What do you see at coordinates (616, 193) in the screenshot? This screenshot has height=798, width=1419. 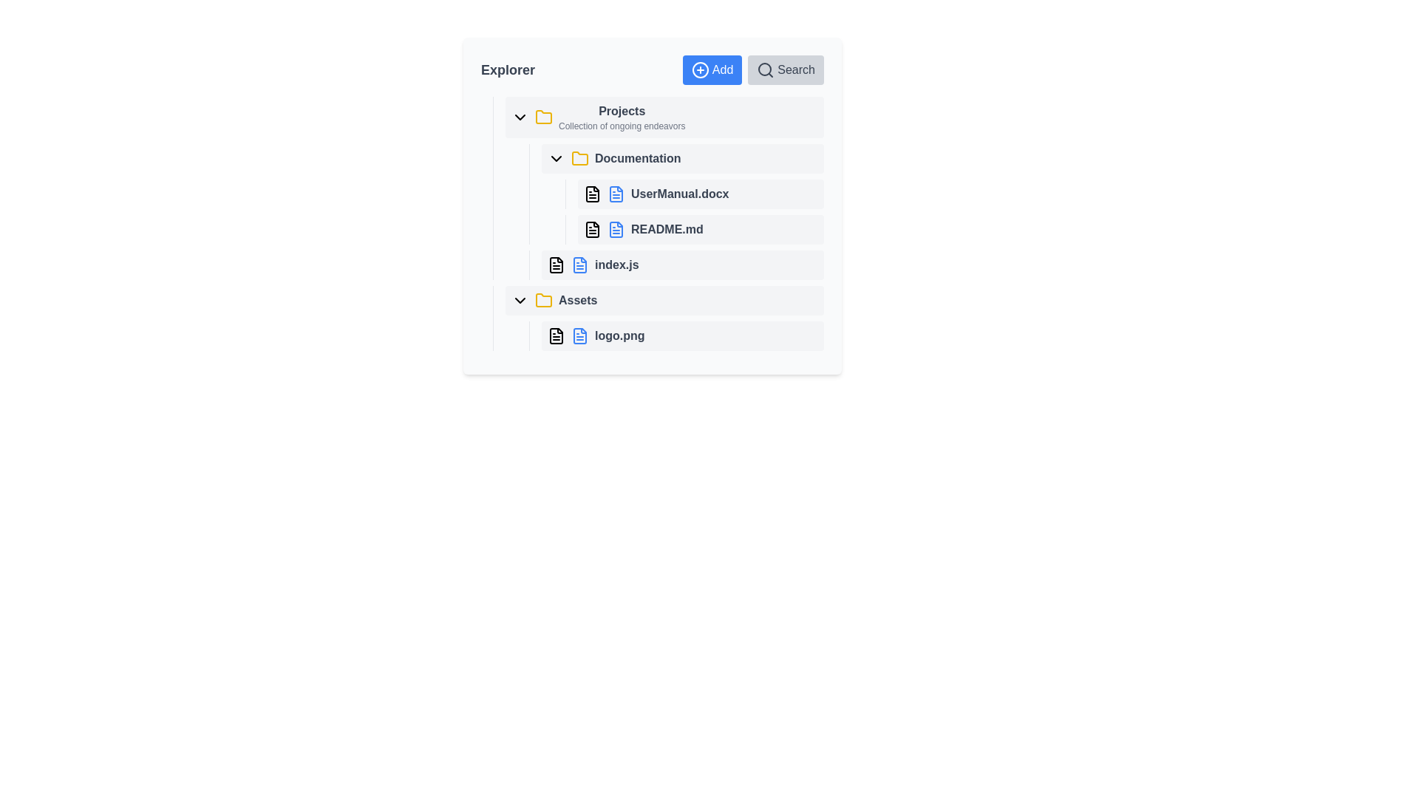 I see `the visual identifier icon for the 'UserManual.docx' file entry located` at bounding box center [616, 193].